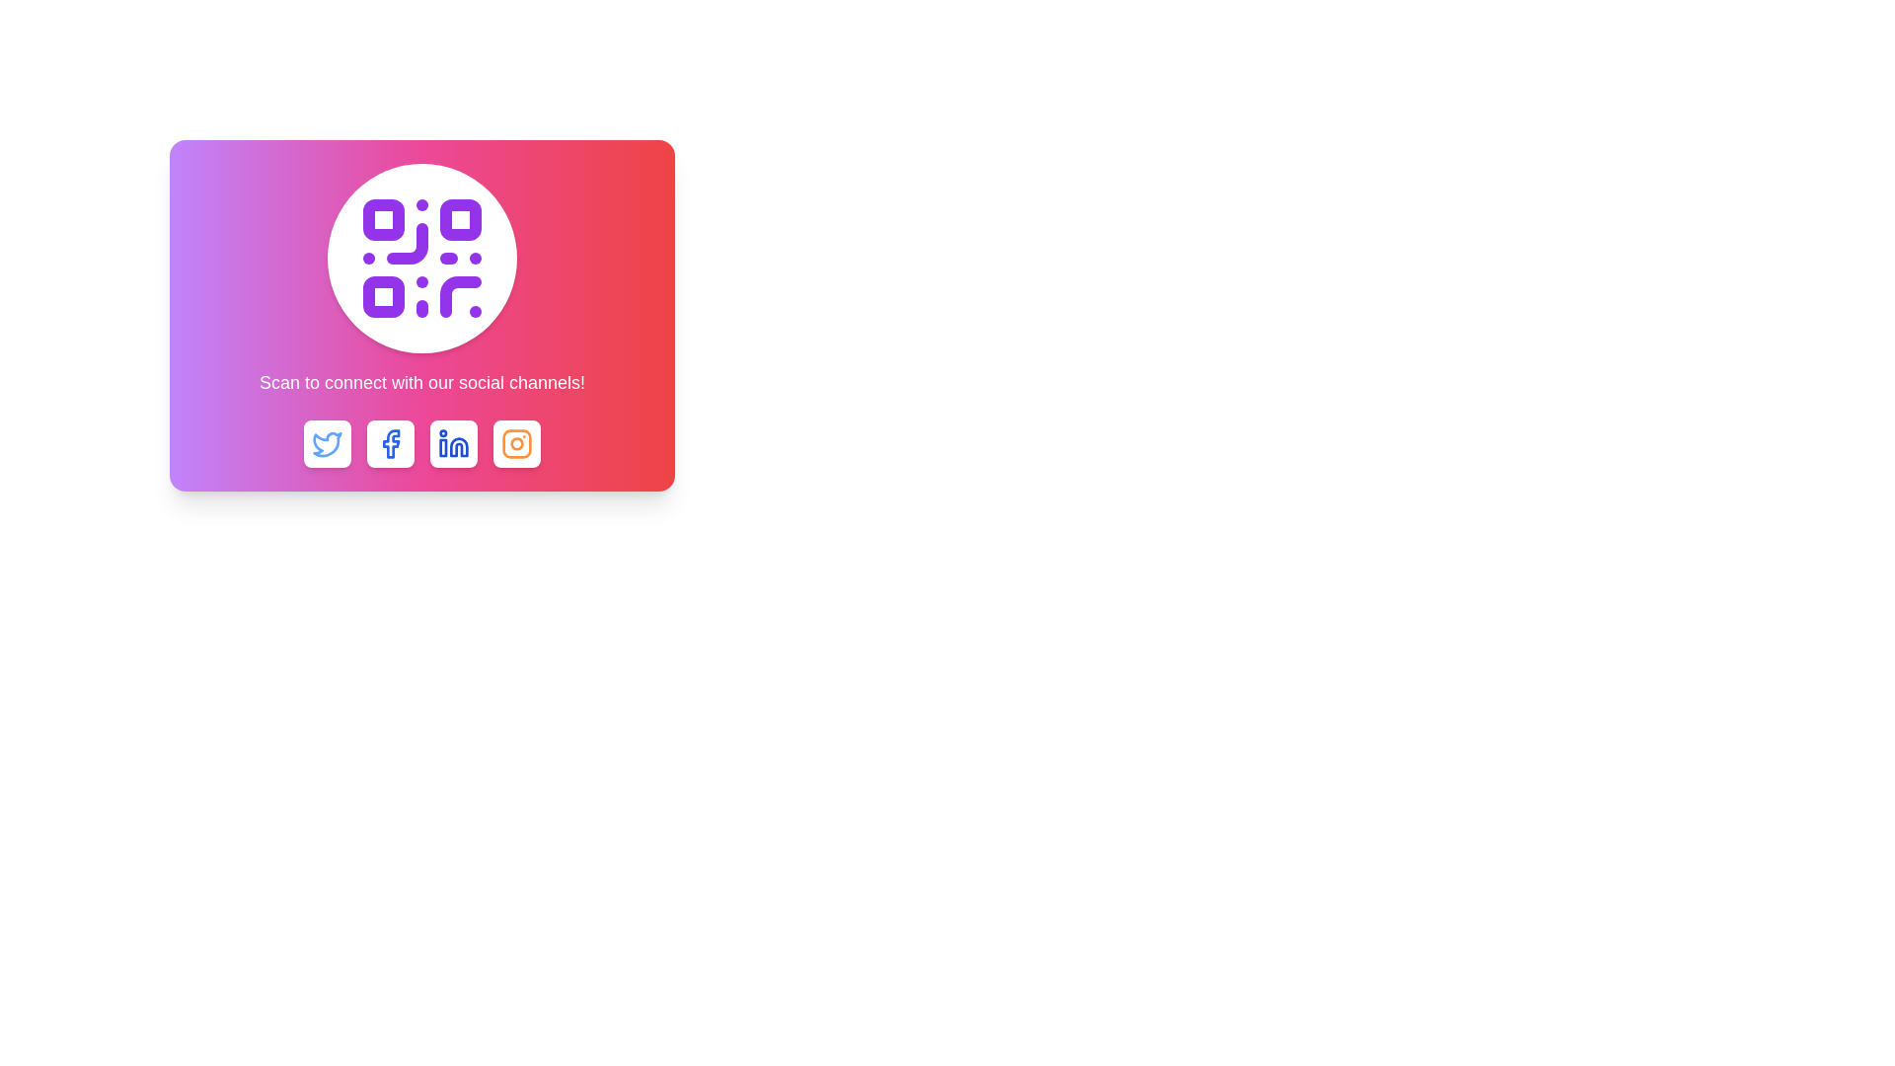  What do you see at coordinates (516, 444) in the screenshot?
I see `the Instagram navigation button, which is the fourth button in a row of social media icons at the far-right of the card layout` at bounding box center [516, 444].